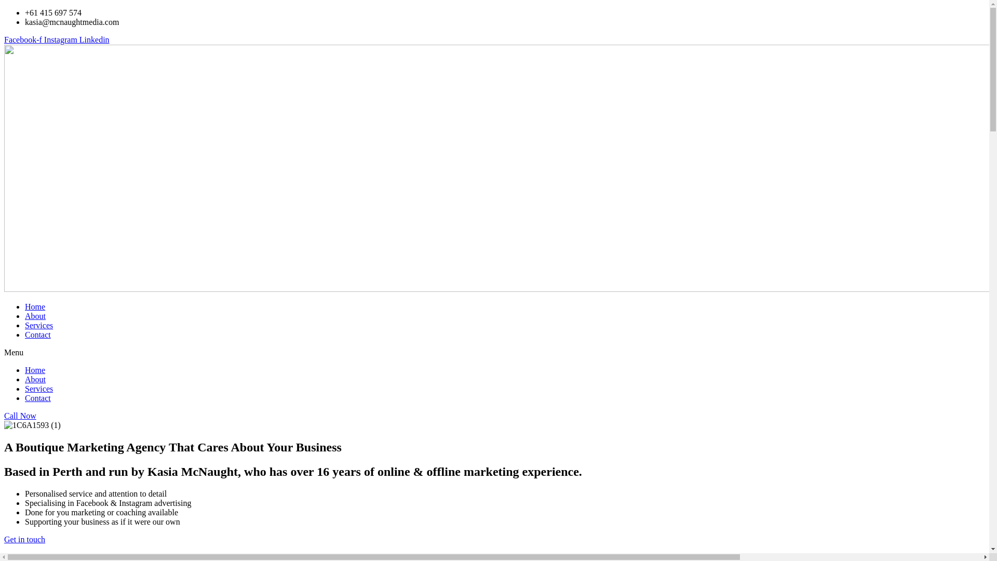 The width and height of the screenshot is (997, 561). Describe the element at coordinates (39, 389) in the screenshot. I see `'Services'` at that location.